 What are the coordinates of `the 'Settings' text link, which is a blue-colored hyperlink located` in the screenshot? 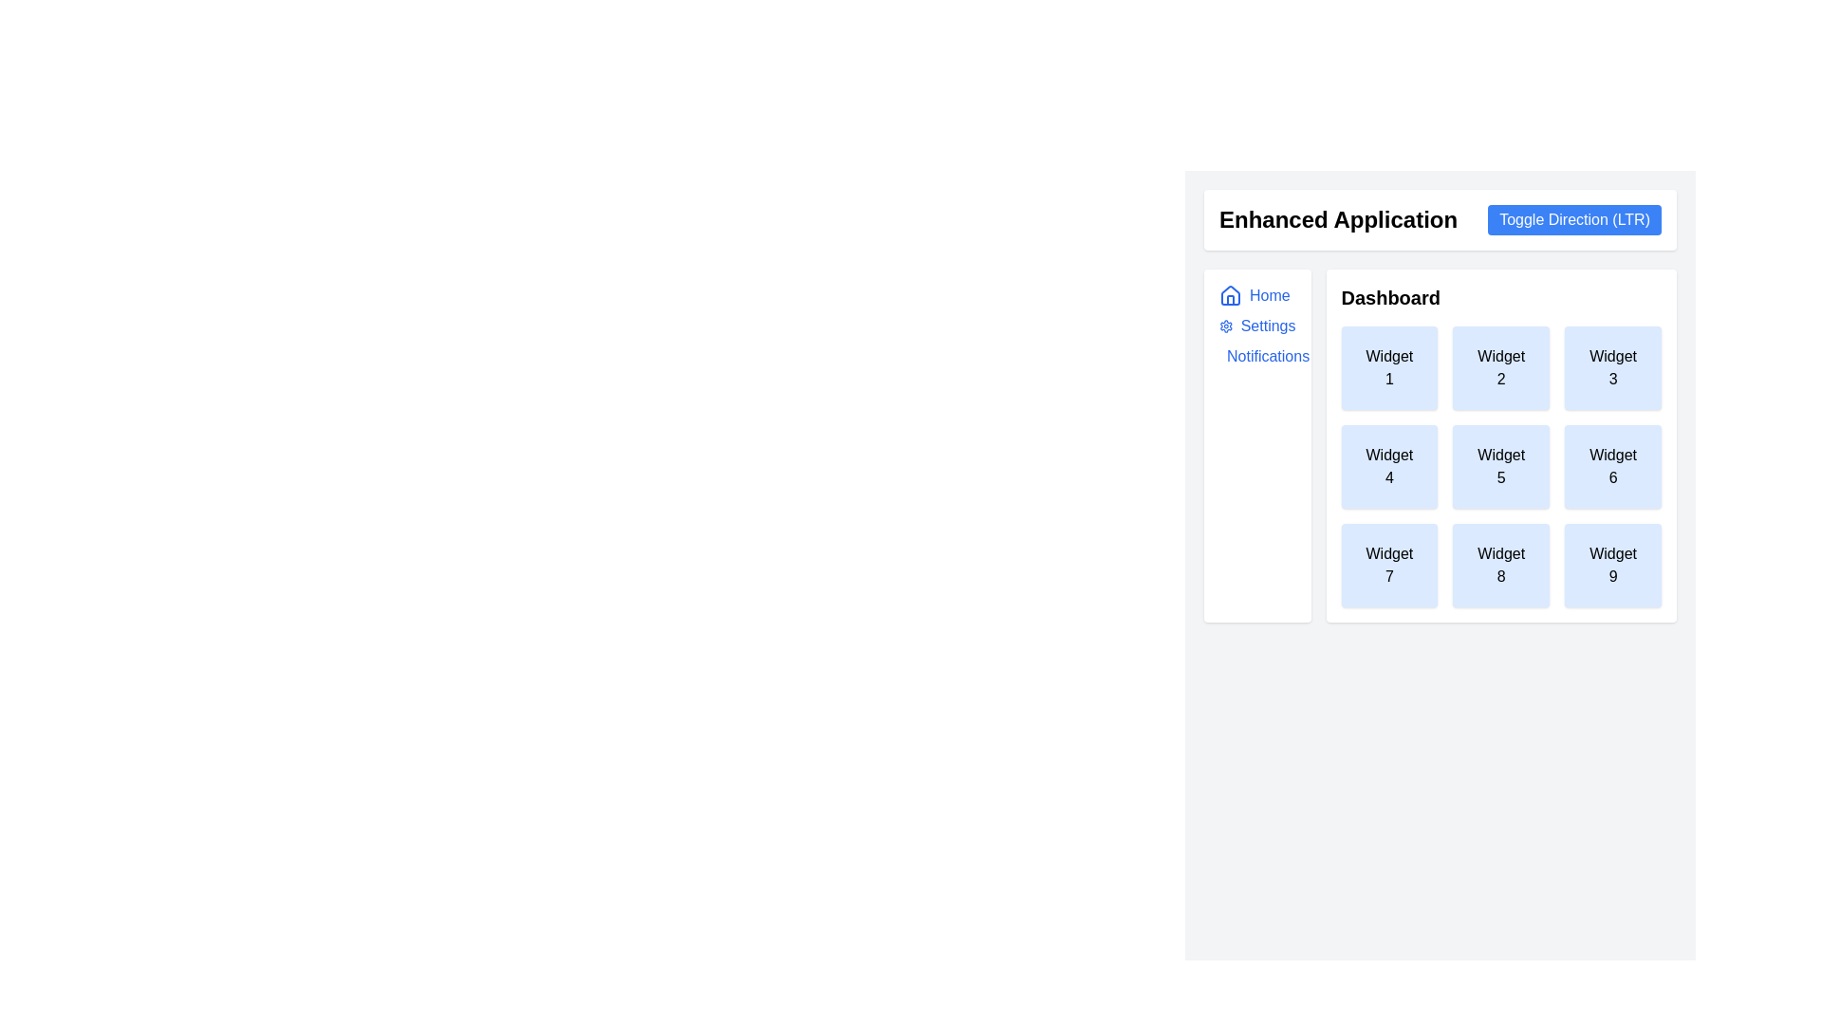 It's located at (1267, 325).